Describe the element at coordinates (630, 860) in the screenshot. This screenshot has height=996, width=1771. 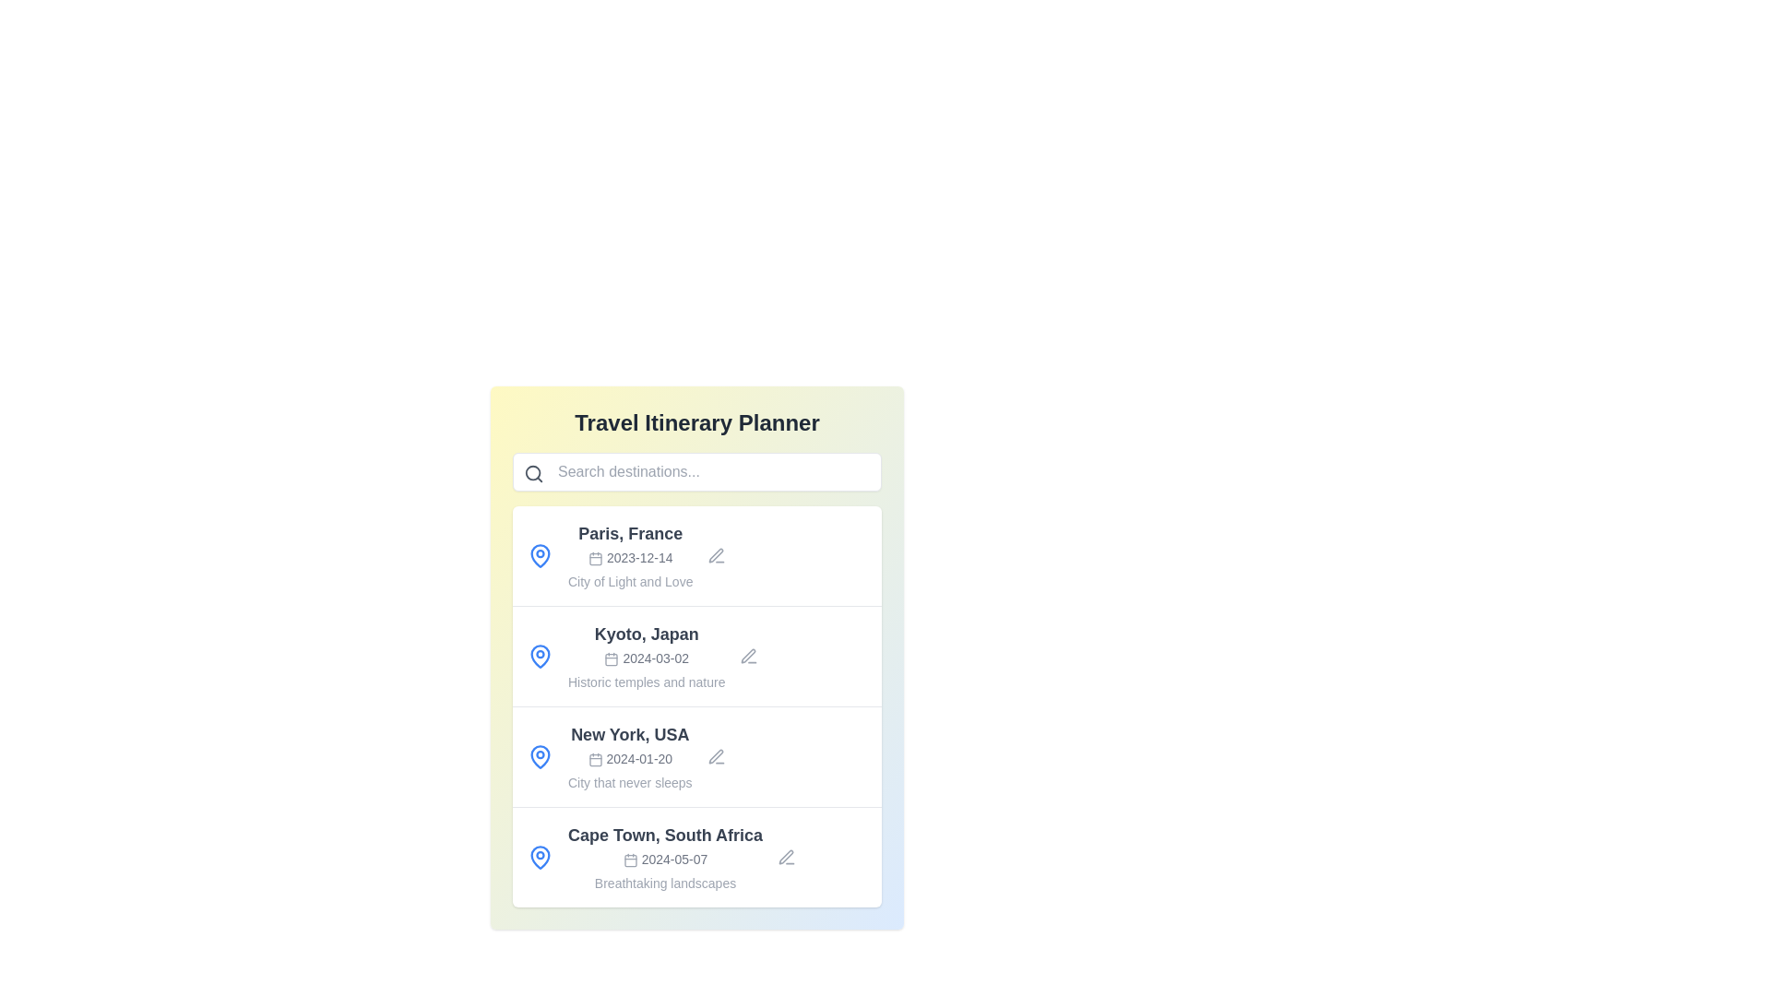
I see `the graphical shape element that visually represents the date aspect of the planner's calendar icon, located to the left of the date text '2024-05-07' under the entry for 'Cape Town, South Africa'` at that location.